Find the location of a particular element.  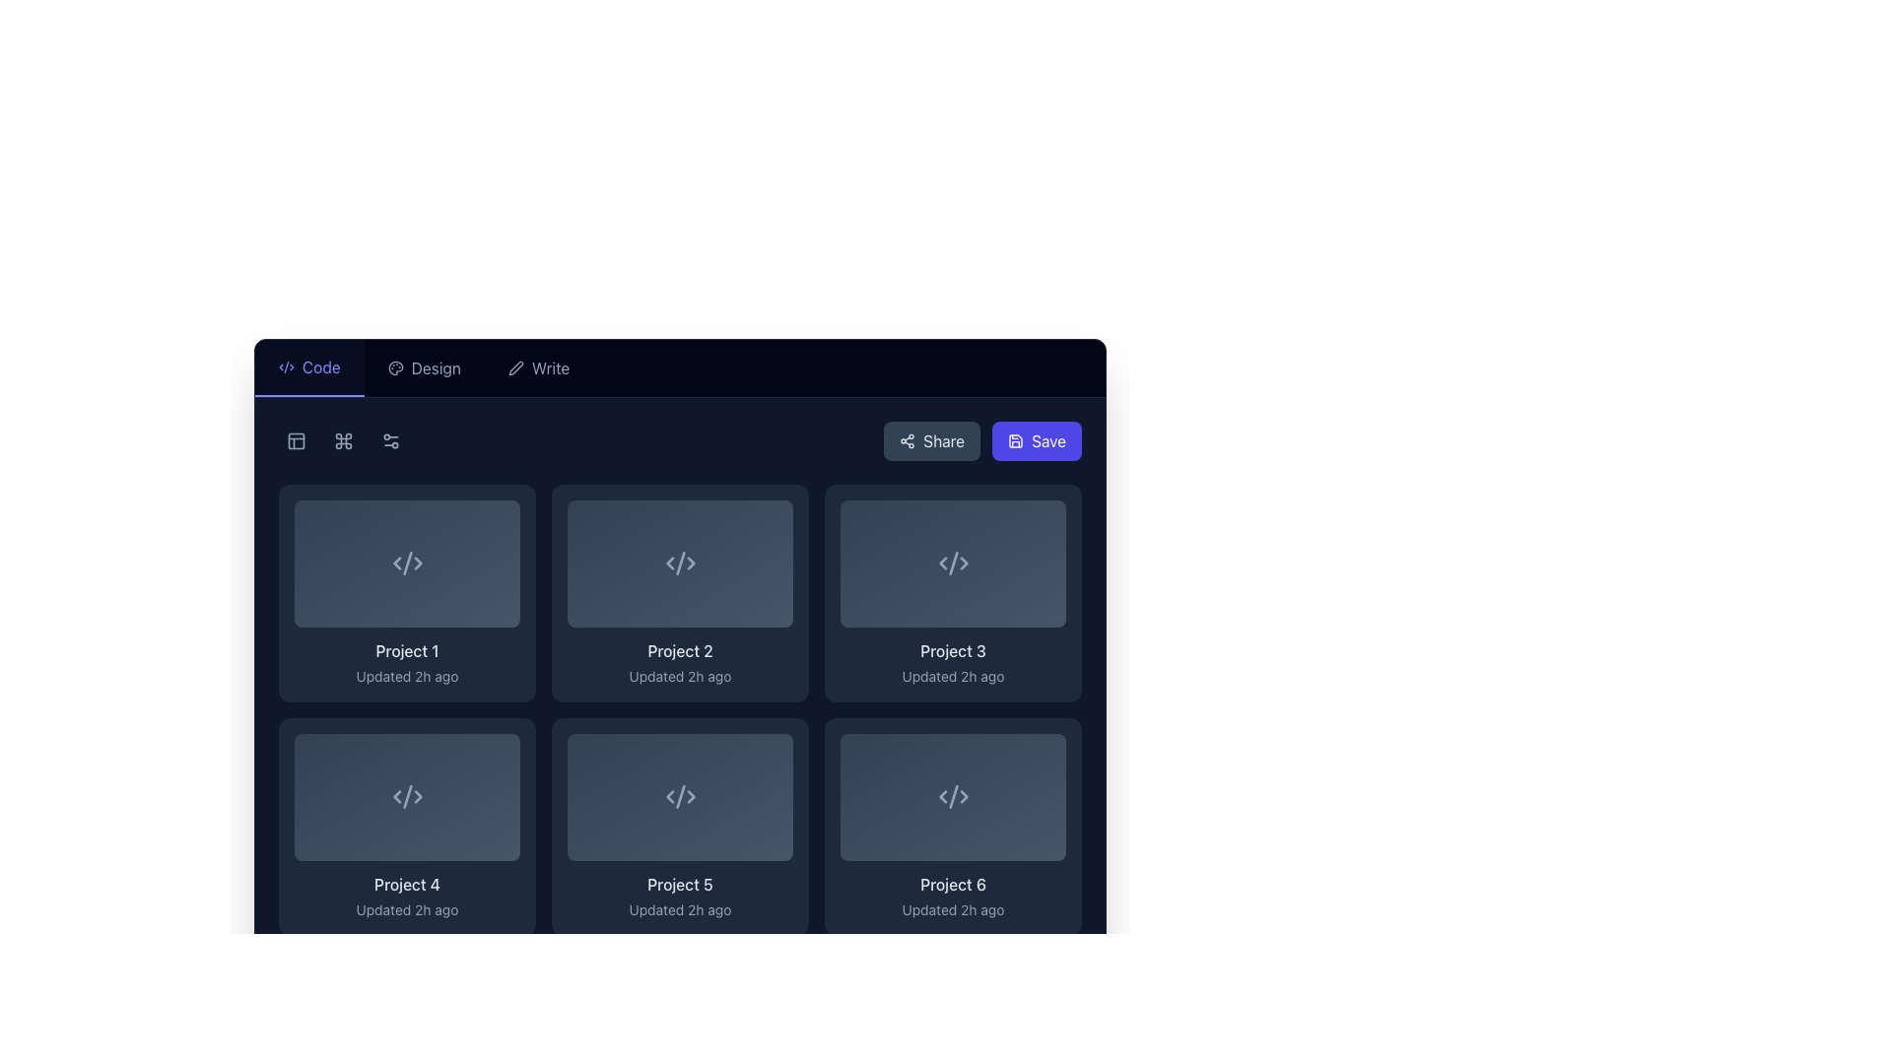

the button with an icon resembling stacked layers located in the top-right corner of the 'Project 5' card is located at coordinates (789, 737).